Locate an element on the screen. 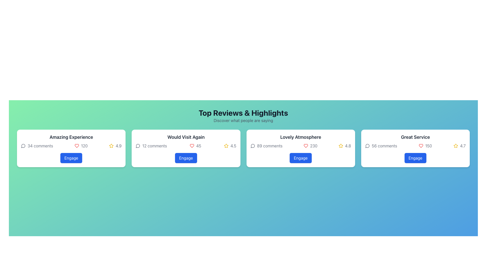  the numerical average rating text associated with the 'Amazing Experience' card, located to the right of the star icon in the bottom-right section of the first review card is located at coordinates (118, 146).